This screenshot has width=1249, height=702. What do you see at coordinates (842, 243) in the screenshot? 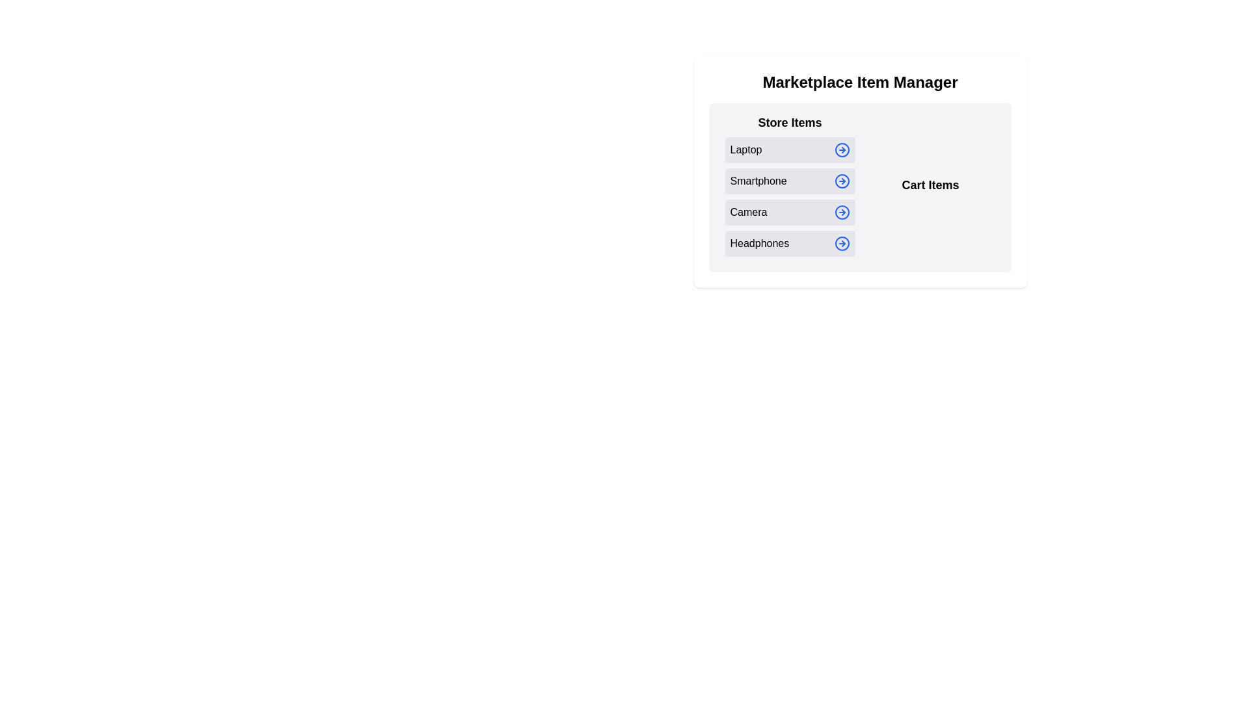
I see `arrow icon next to the item labeled Headphones to move it to the Cart Items section` at bounding box center [842, 243].